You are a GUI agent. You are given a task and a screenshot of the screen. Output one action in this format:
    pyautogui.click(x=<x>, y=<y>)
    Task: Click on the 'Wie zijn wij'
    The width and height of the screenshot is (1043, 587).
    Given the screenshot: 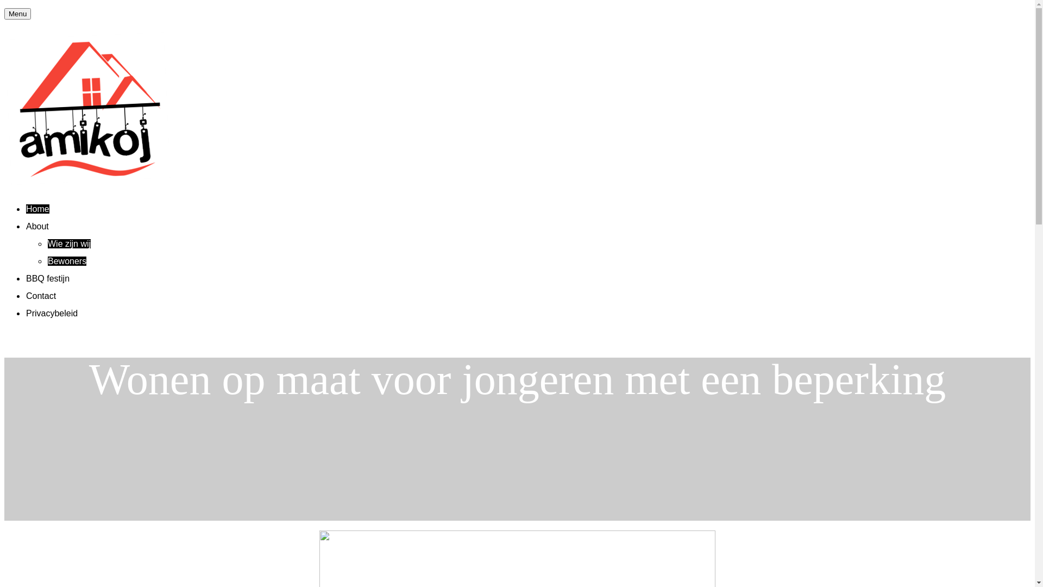 What is the action you would take?
    pyautogui.click(x=68, y=243)
    